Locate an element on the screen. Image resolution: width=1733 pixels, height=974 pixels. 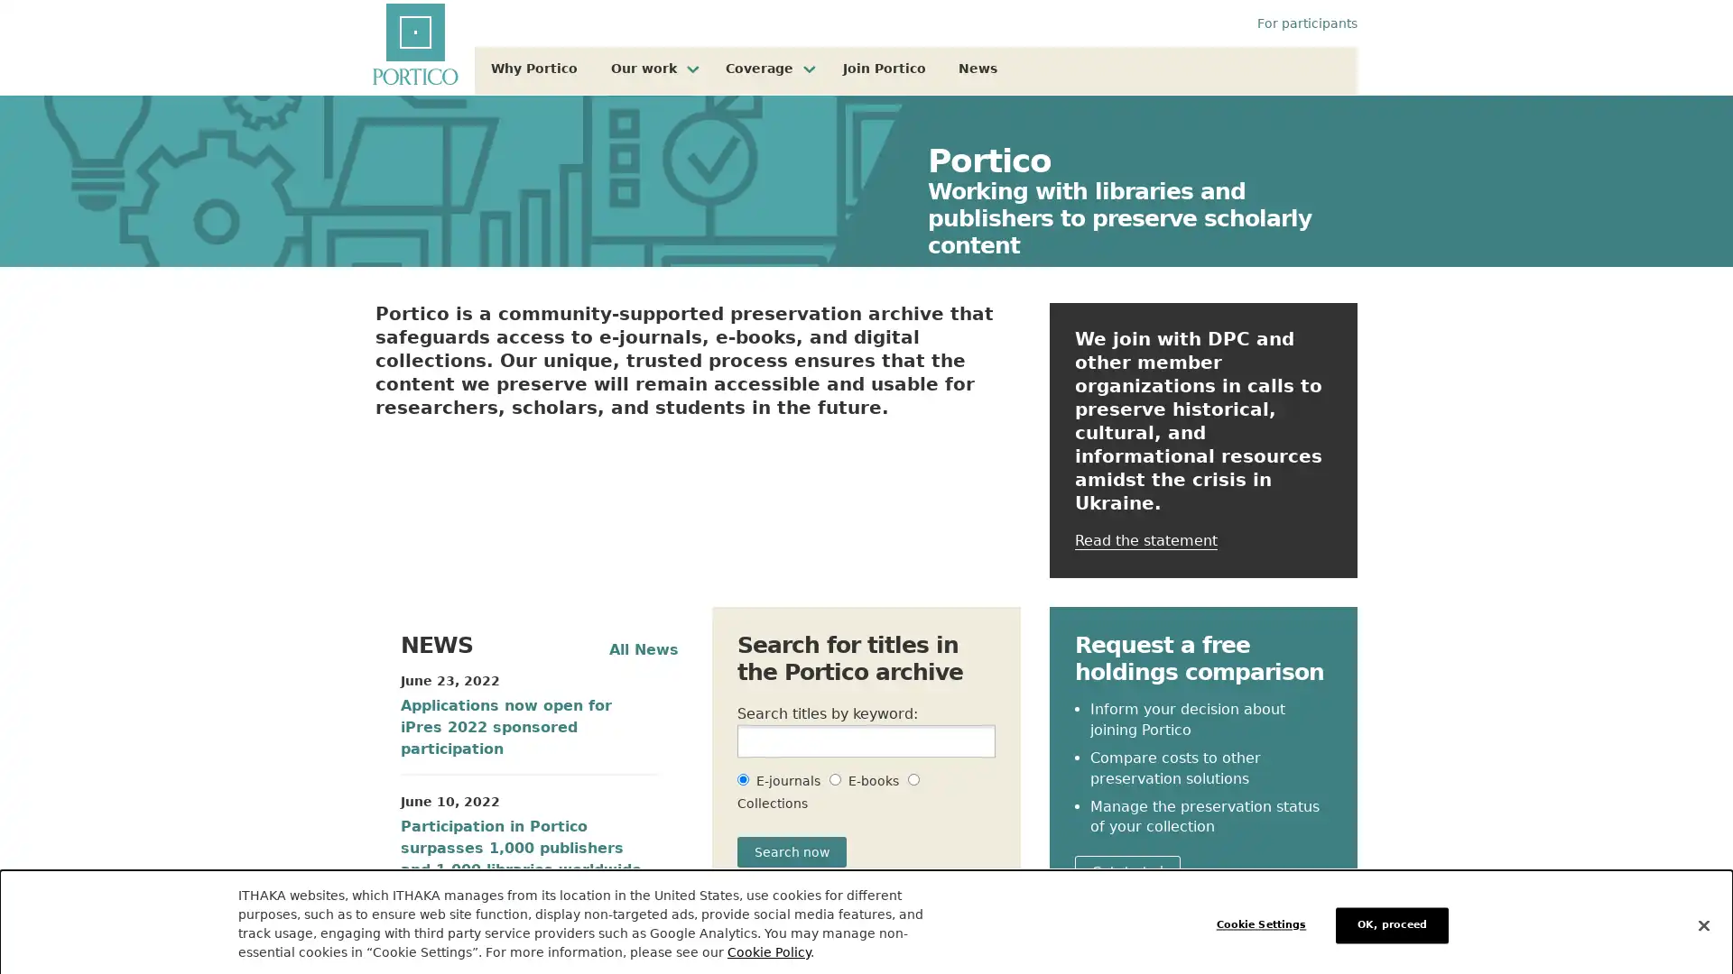
Search now is located at coordinates (792, 852).